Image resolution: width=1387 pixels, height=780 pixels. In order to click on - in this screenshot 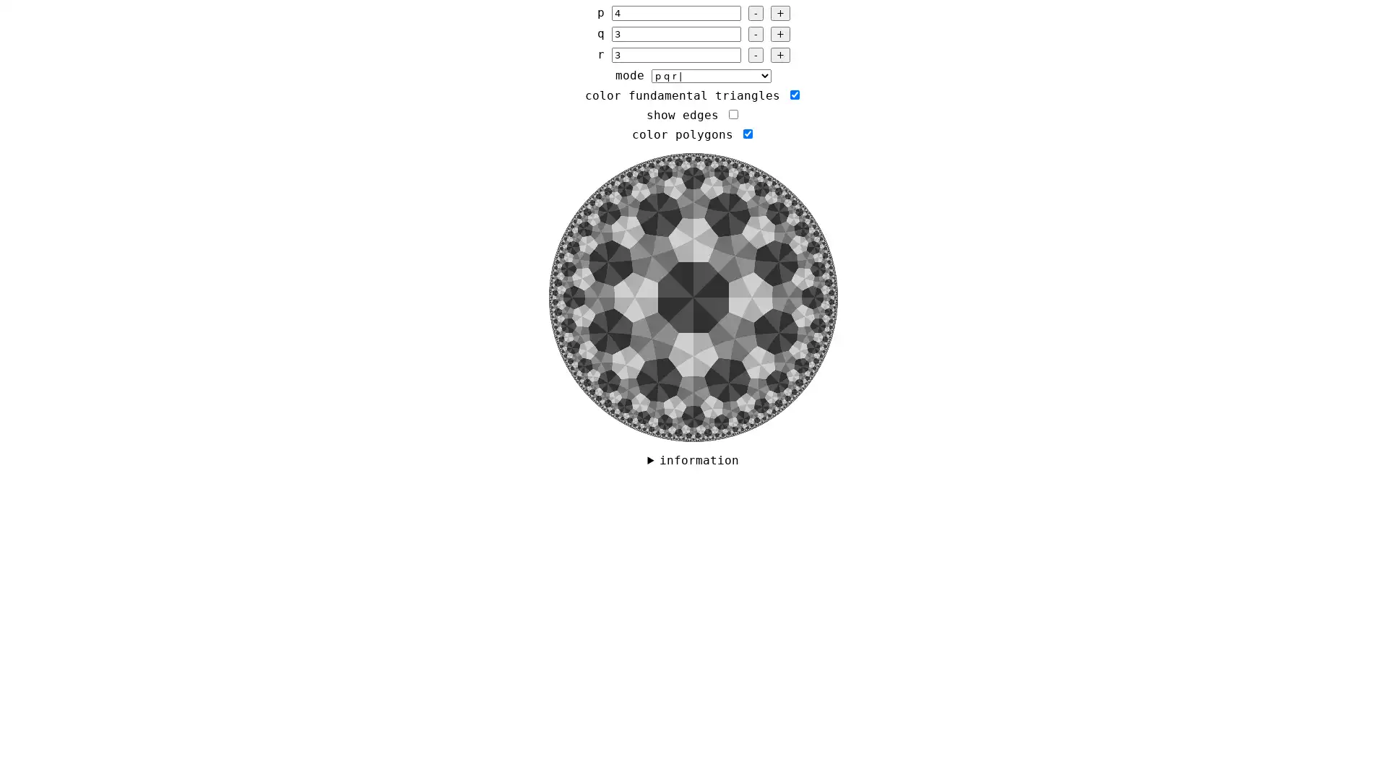, I will do `click(754, 13)`.